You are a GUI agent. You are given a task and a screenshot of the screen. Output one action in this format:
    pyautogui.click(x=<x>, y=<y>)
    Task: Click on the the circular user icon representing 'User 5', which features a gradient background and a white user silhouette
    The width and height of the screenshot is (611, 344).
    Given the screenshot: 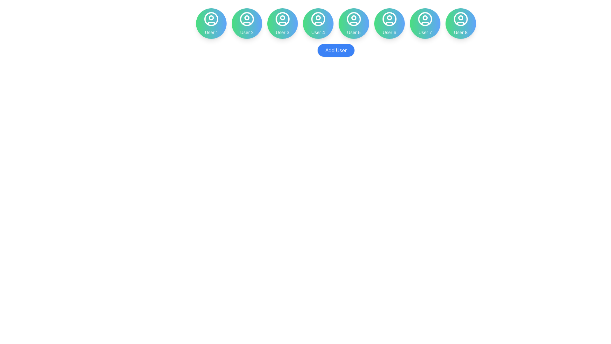 What is the action you would take?
    pyautogui.click(x=354, y=23)
    